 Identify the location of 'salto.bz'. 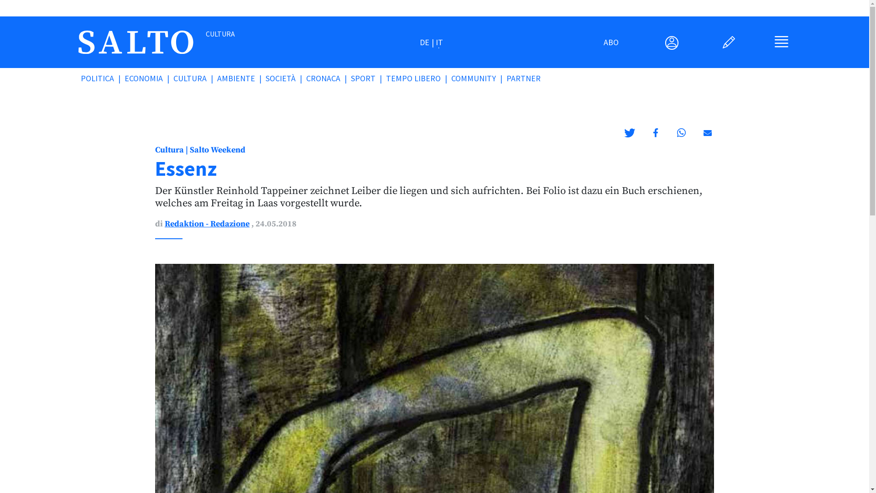
(135, 41).